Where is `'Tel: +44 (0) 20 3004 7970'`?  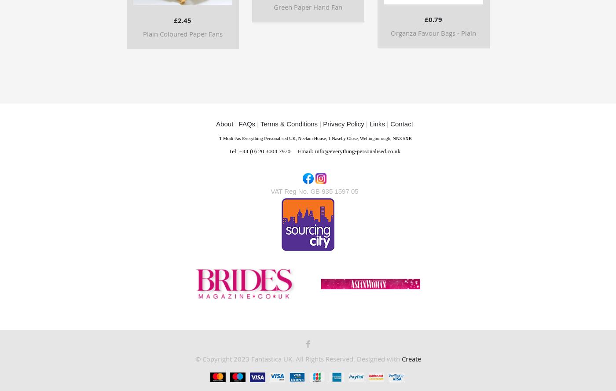
'Tel: +44 (0) 20 3004 7970' is located at coordinates (259, 151).